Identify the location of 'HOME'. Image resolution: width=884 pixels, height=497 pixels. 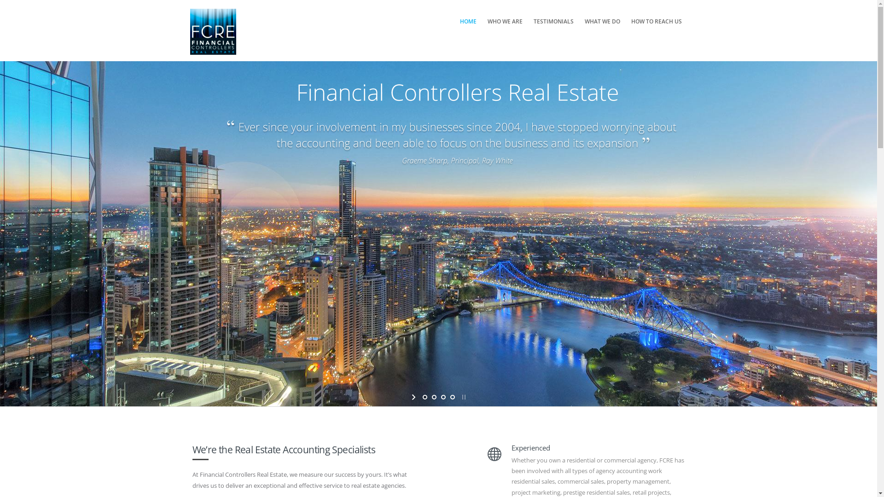
(468, 21).